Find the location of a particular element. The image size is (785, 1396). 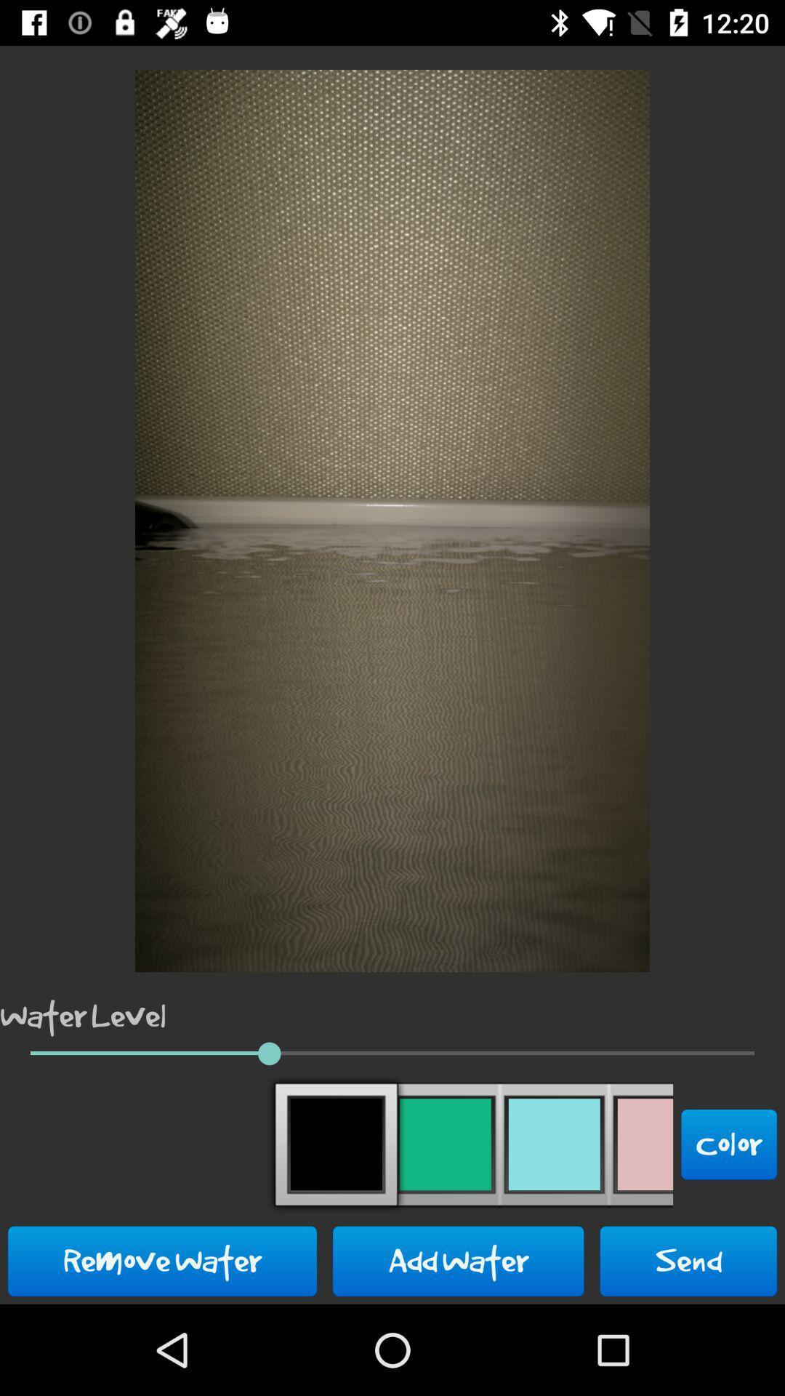

the send is located at coordinates (688, 1260).